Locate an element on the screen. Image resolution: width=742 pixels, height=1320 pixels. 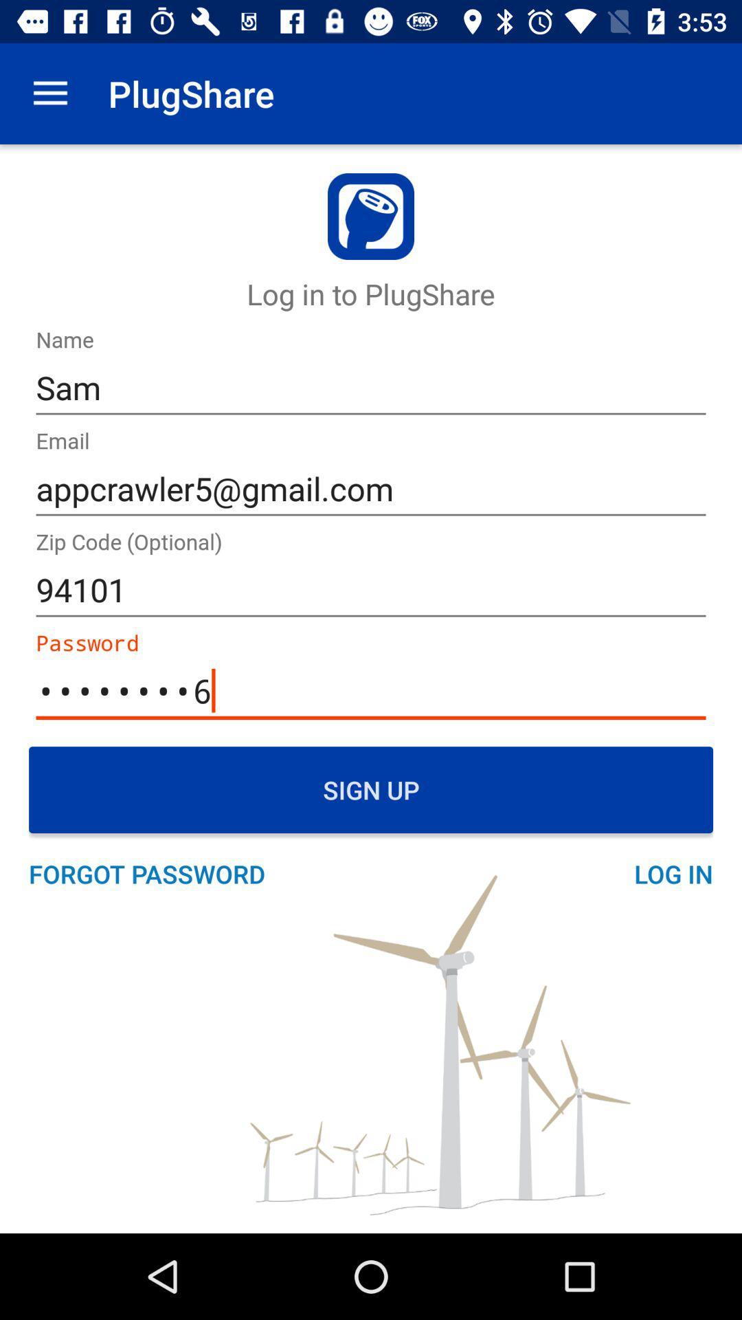
the text immediately below name is located at coordinates (371, 388).